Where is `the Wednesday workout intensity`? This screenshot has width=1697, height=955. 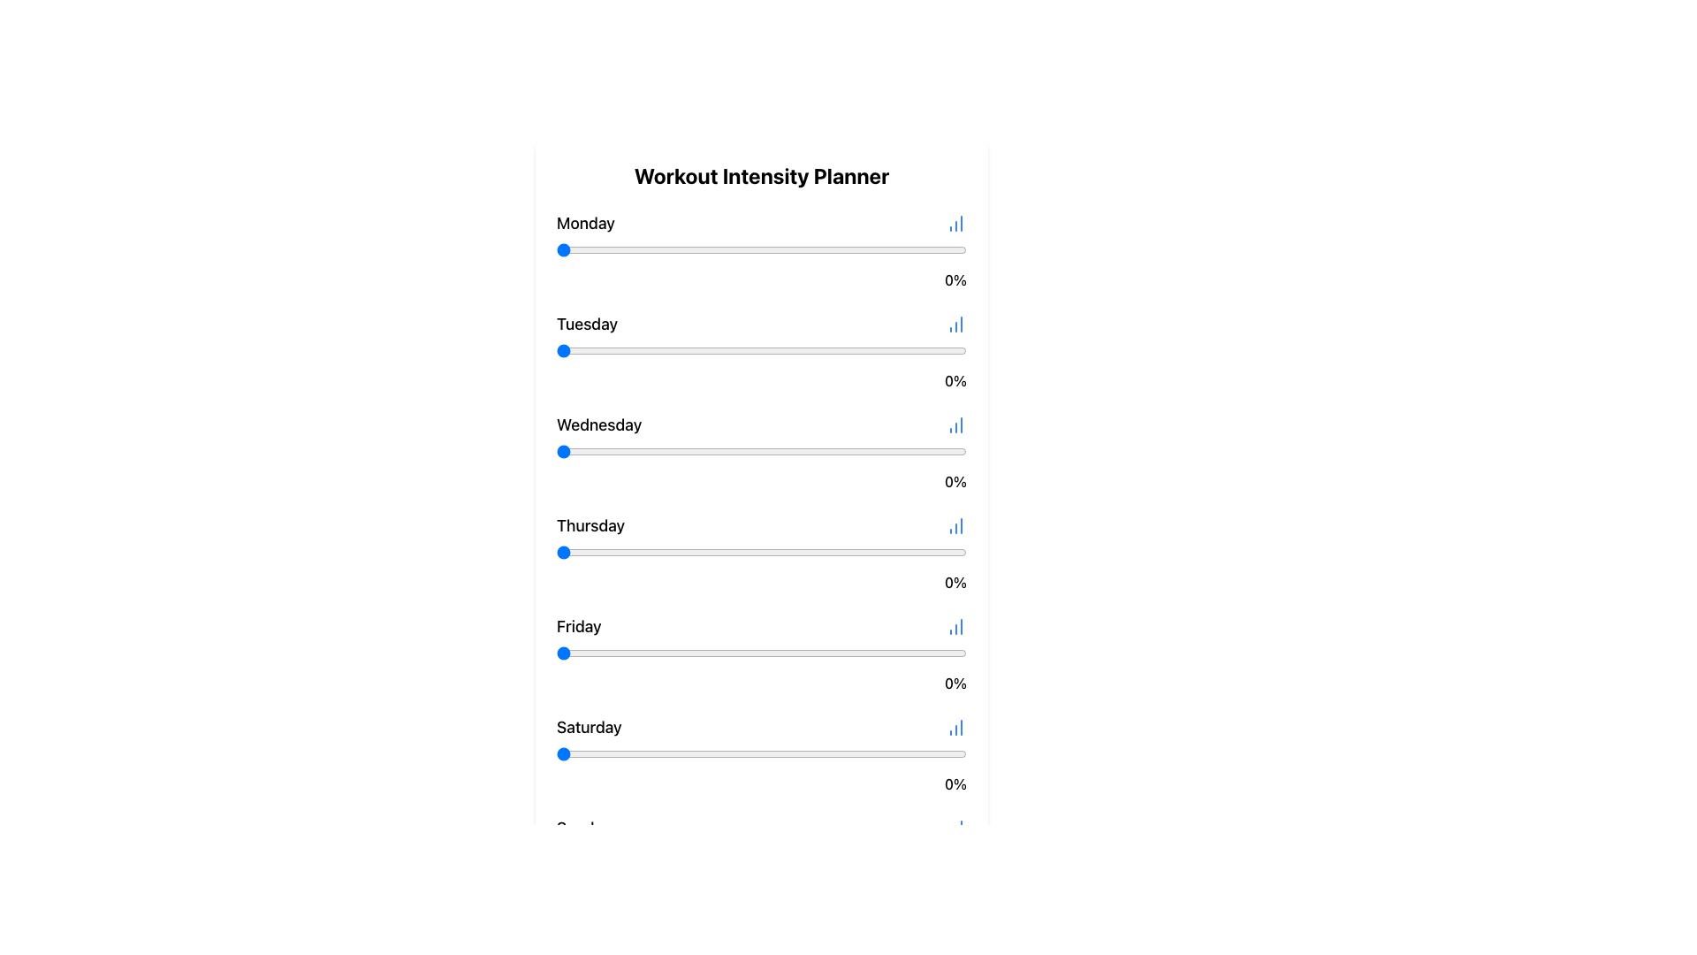
the Wednesday workout intensity is located at coordinates (646, 450).